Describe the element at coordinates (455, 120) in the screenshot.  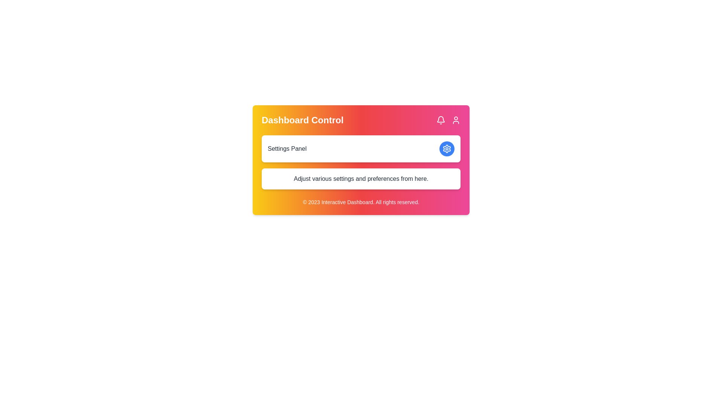
I see `the user account actions icon located at the top-right corner of the card-like interface` at that location.